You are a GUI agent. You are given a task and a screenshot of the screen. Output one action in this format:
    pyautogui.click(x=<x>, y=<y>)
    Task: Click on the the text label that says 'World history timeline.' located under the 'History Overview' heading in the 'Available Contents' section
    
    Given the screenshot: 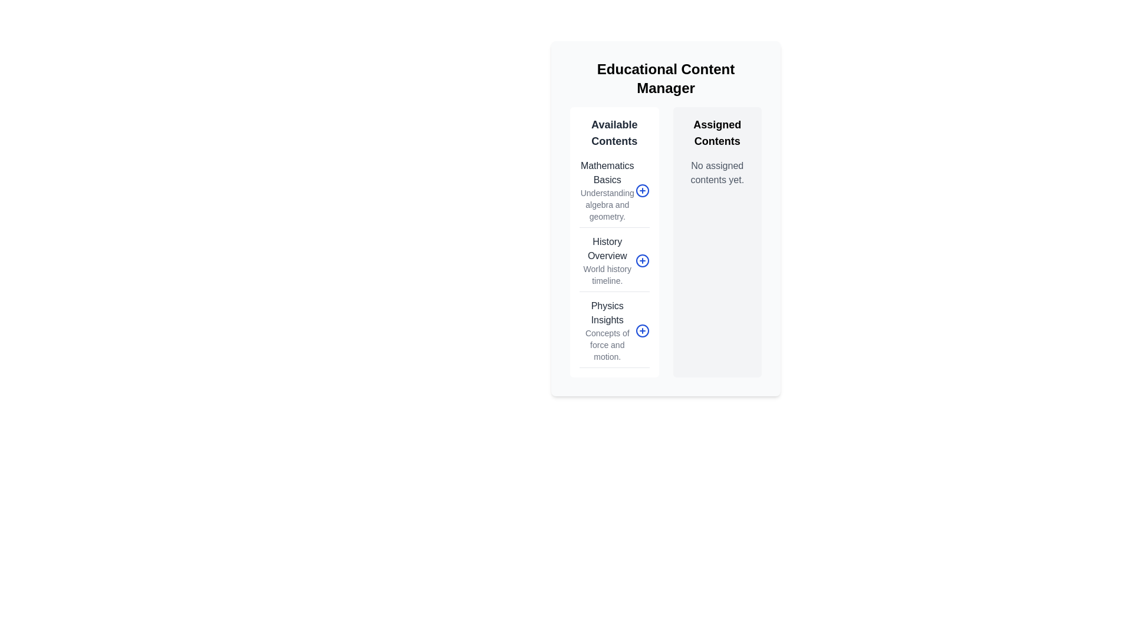 What is the action you would take?
    pyautogui.click(x=607, y=274)
    